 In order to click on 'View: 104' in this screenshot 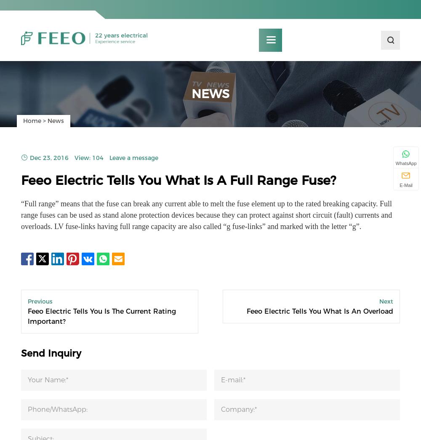, I will do `click(88, 161)`.